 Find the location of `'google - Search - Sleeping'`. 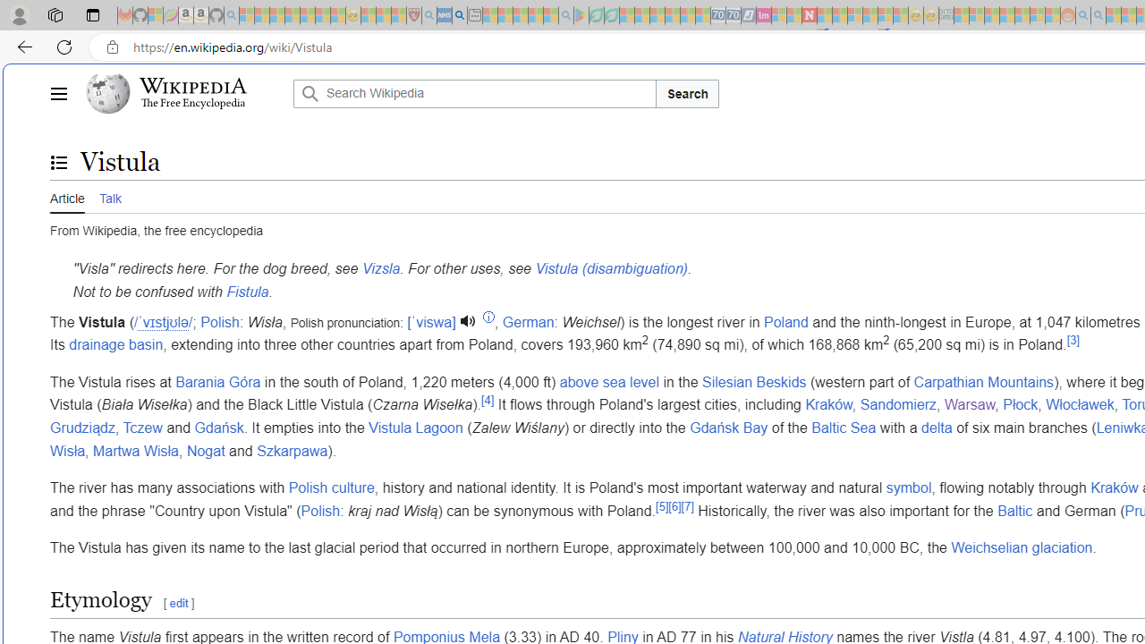

'google - Search - Sleeping' is located at coordinates (564, 15).